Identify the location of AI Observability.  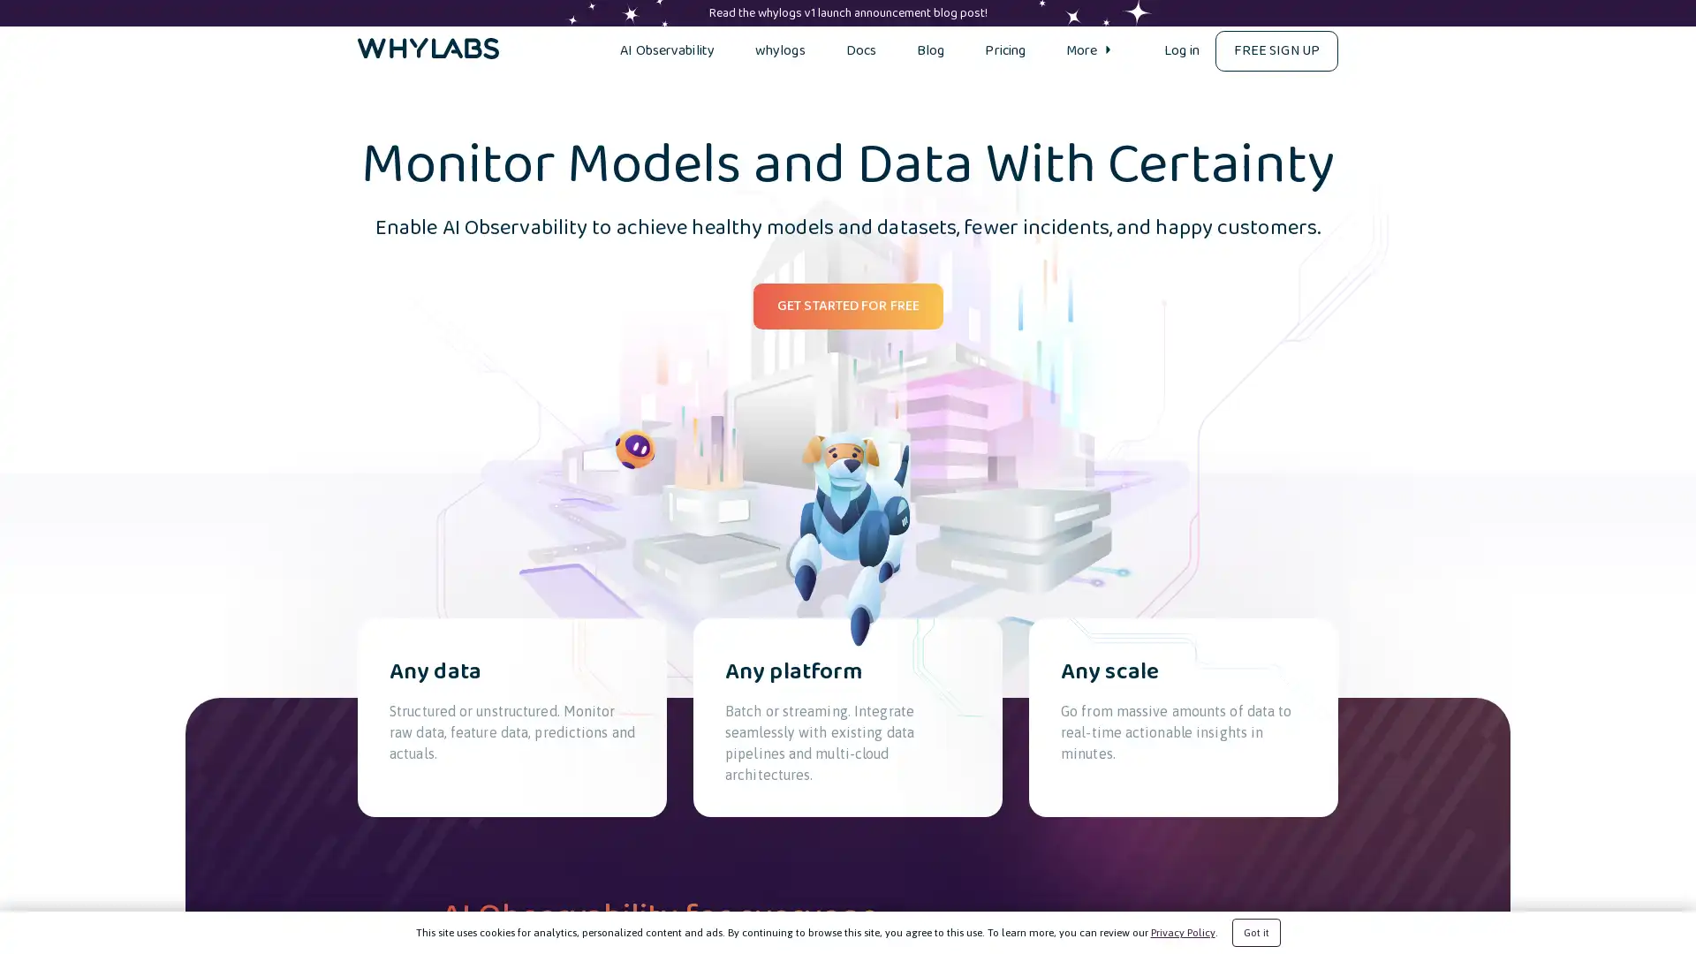
(665, 49).